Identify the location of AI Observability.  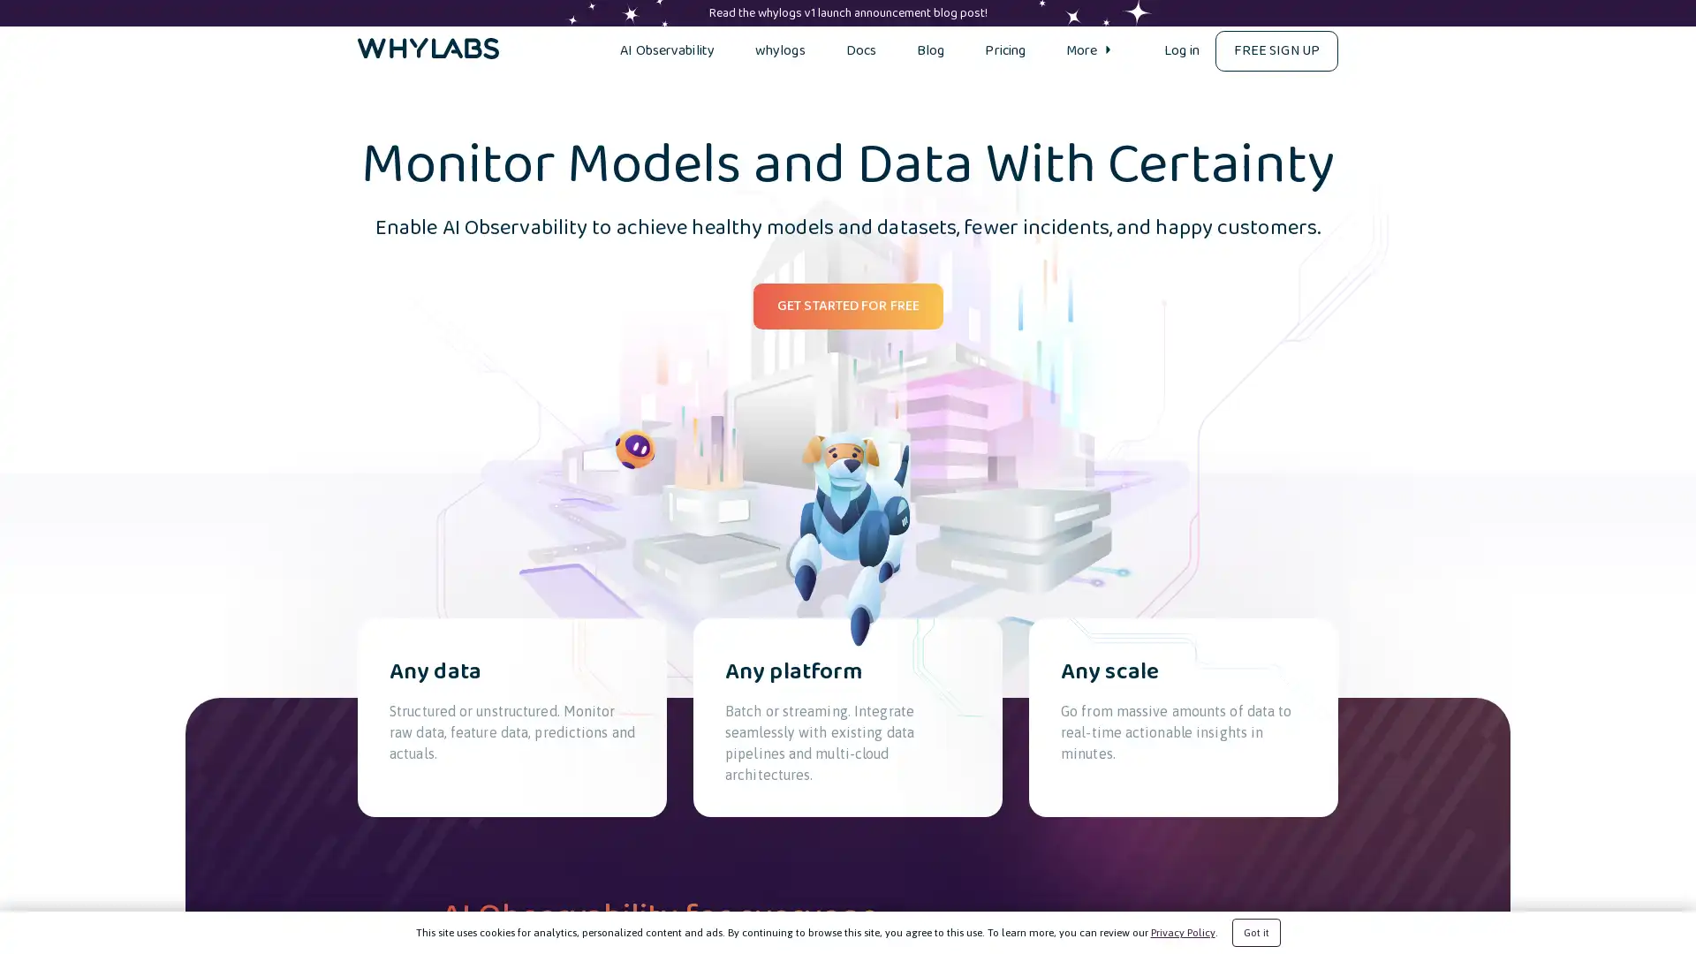
(665, 49).